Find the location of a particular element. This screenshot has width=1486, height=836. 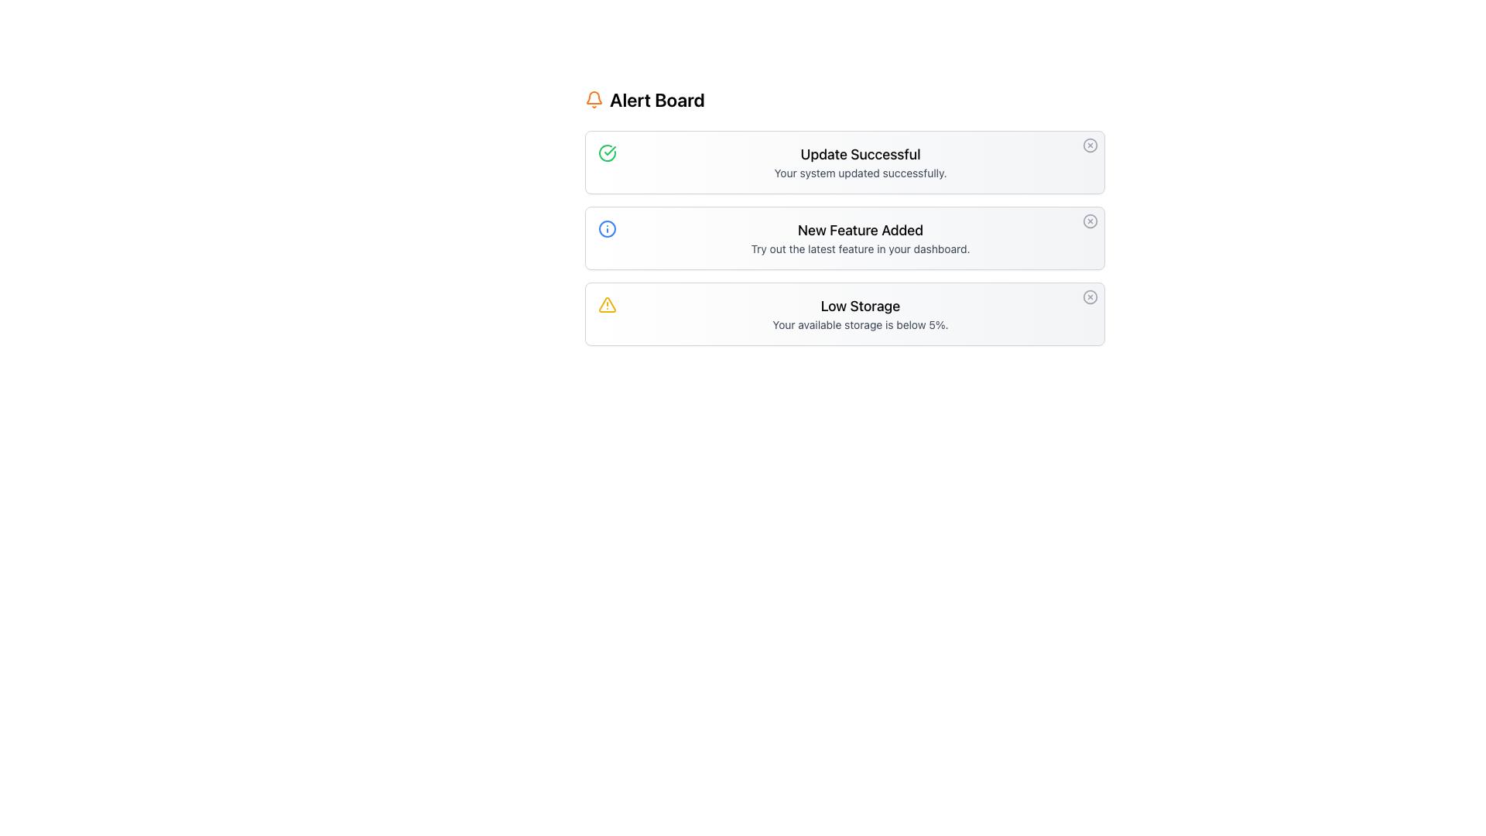

the success indication SVG icon located to the left of the 'Update Successful' notification in the Alert Board is located at coordinates (607, 152).